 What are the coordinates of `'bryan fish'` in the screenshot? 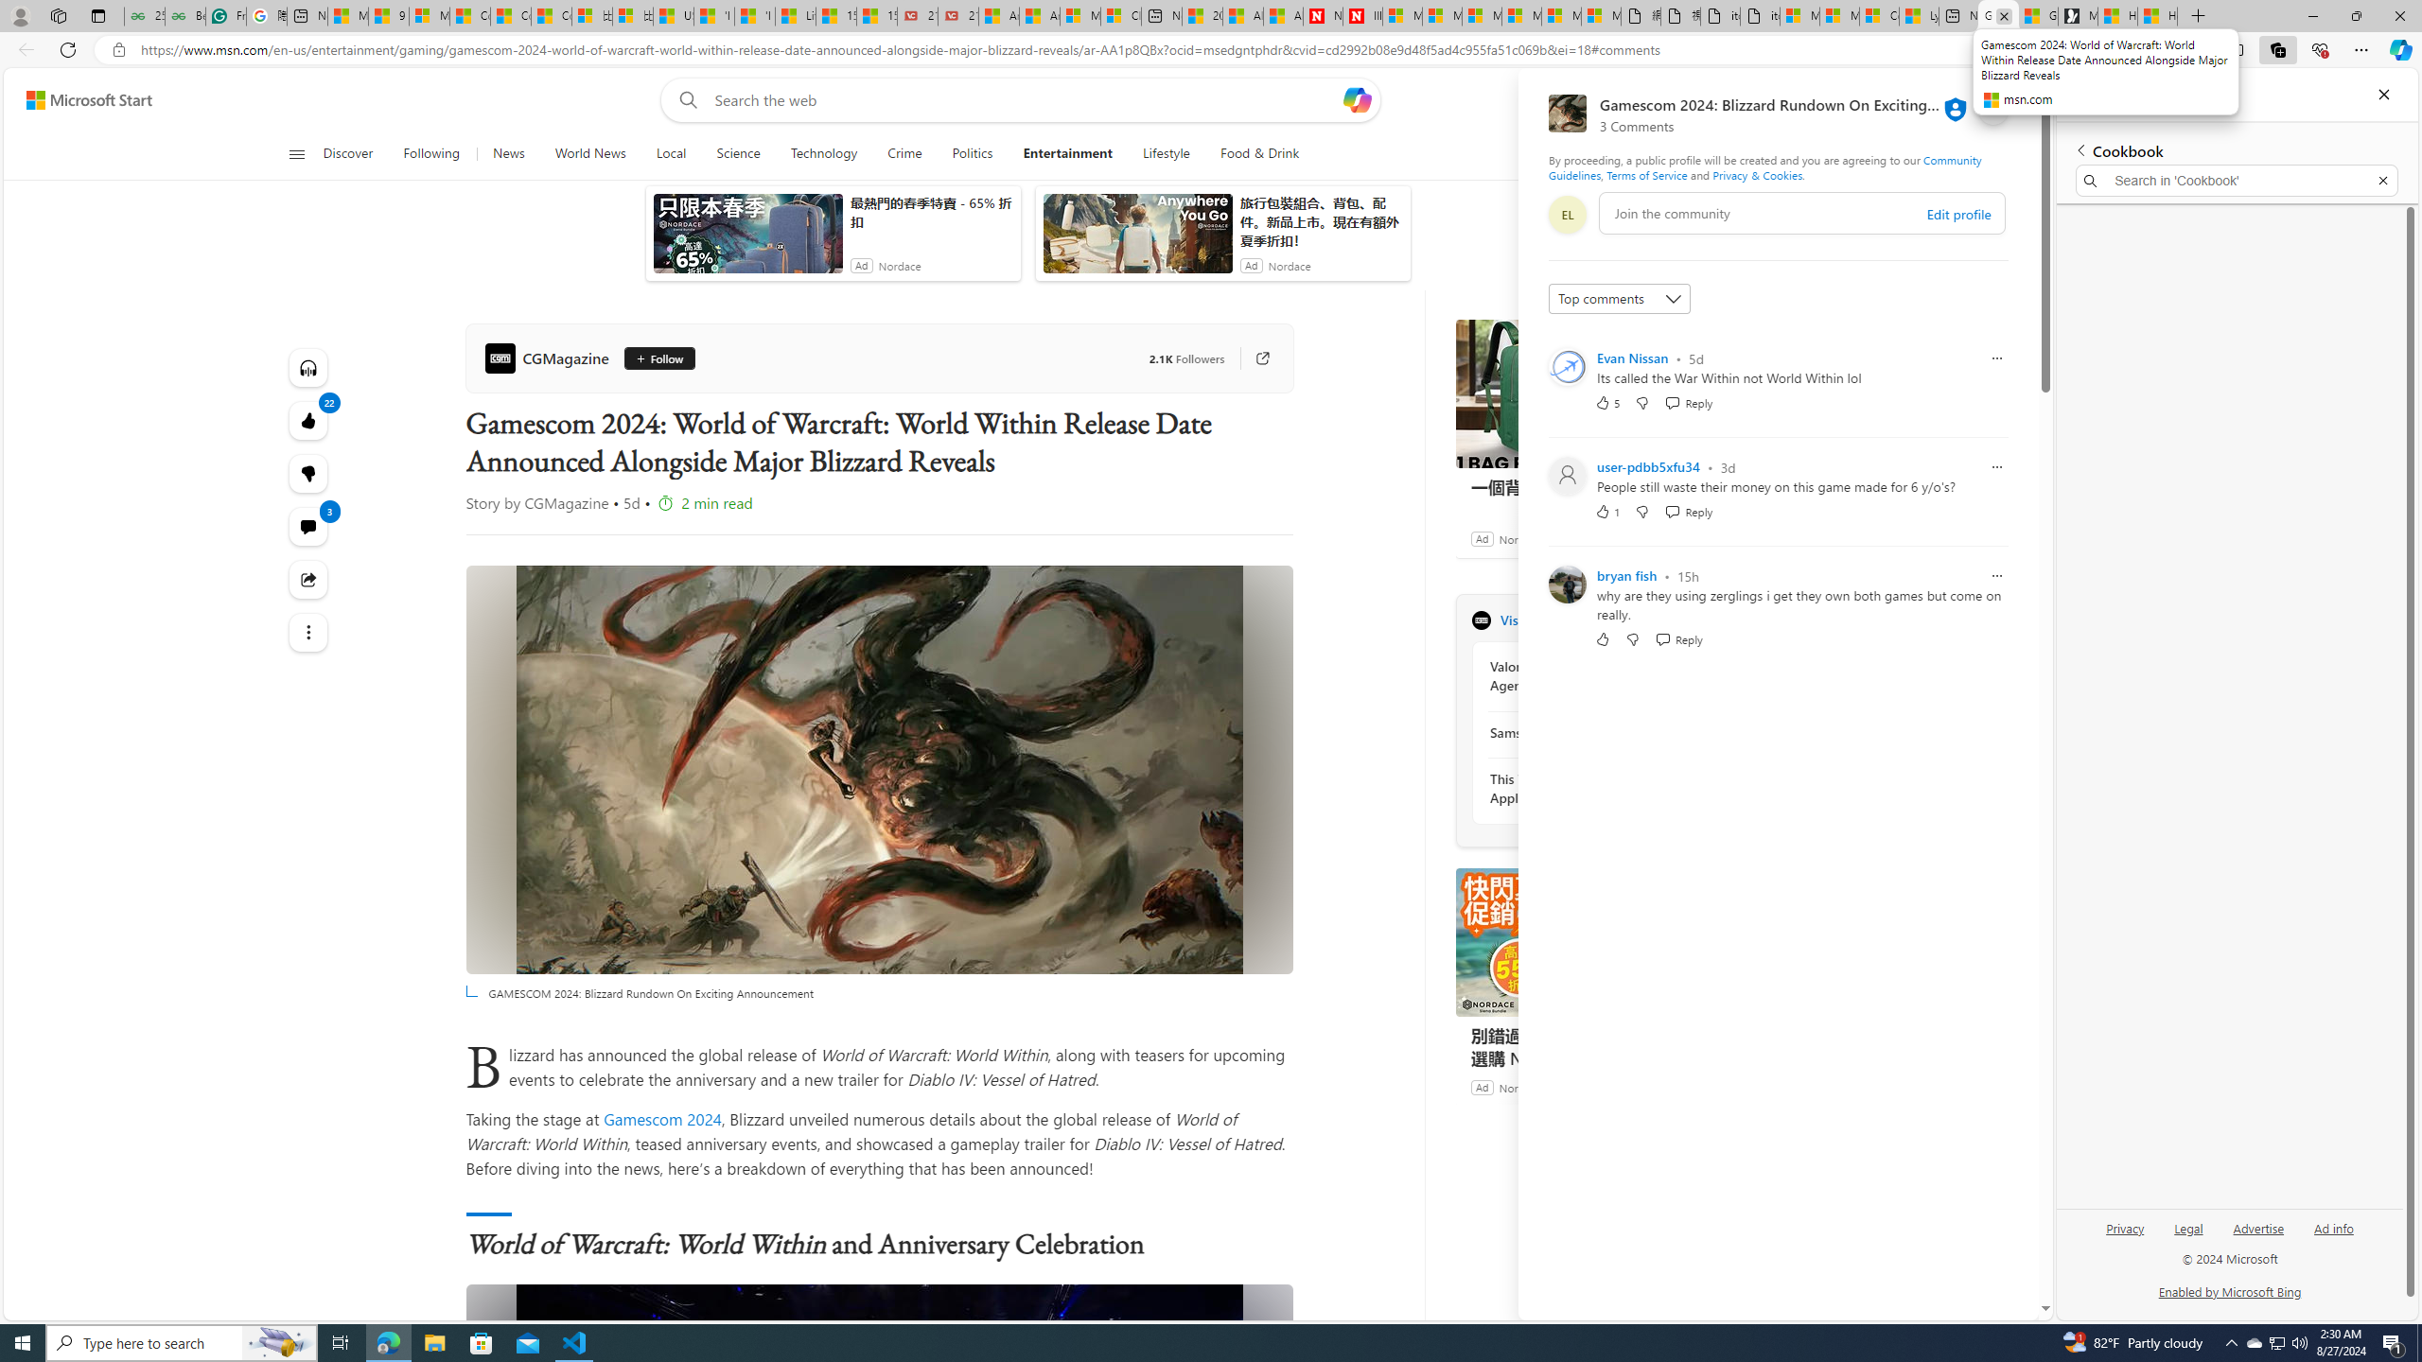 It's located at (1626, 575).